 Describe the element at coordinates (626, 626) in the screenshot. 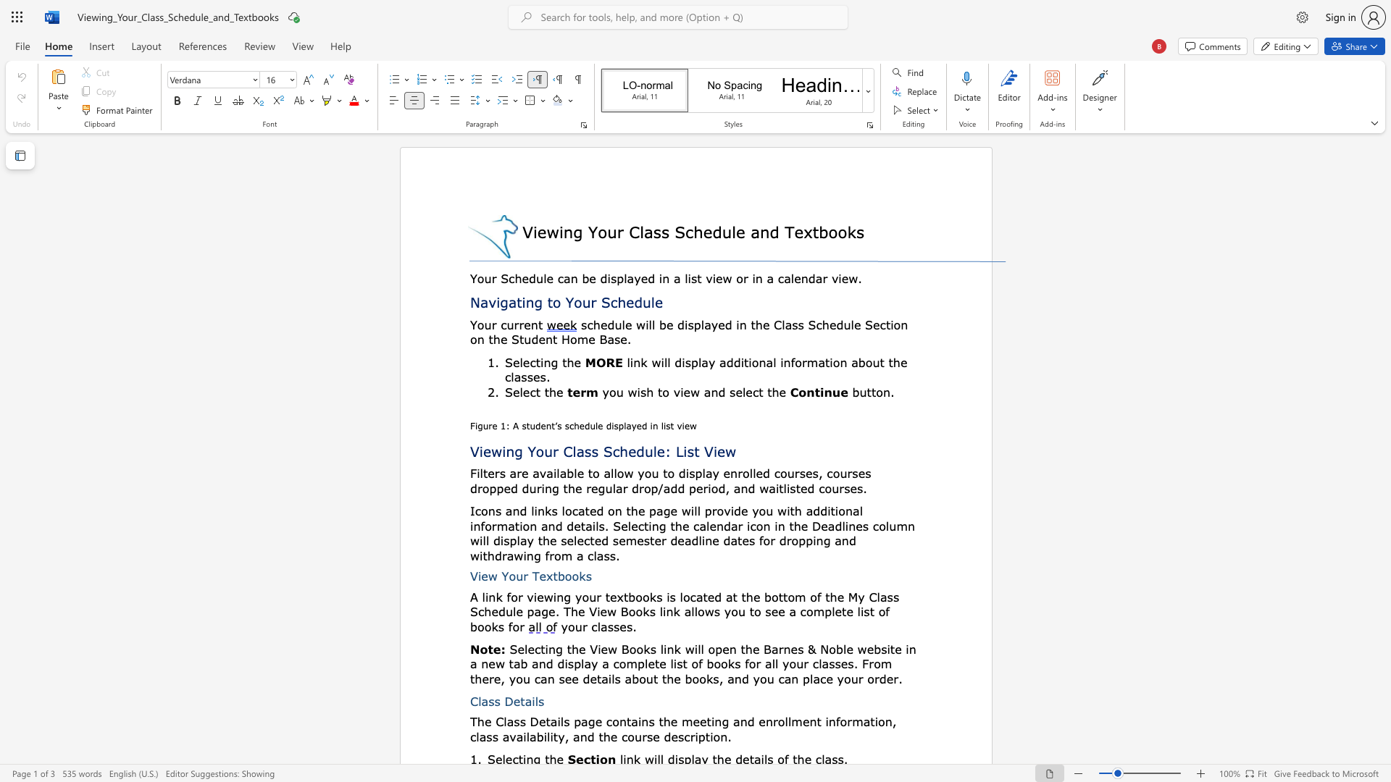

I see `the subset text "s." within the text "your classes."` at that location.